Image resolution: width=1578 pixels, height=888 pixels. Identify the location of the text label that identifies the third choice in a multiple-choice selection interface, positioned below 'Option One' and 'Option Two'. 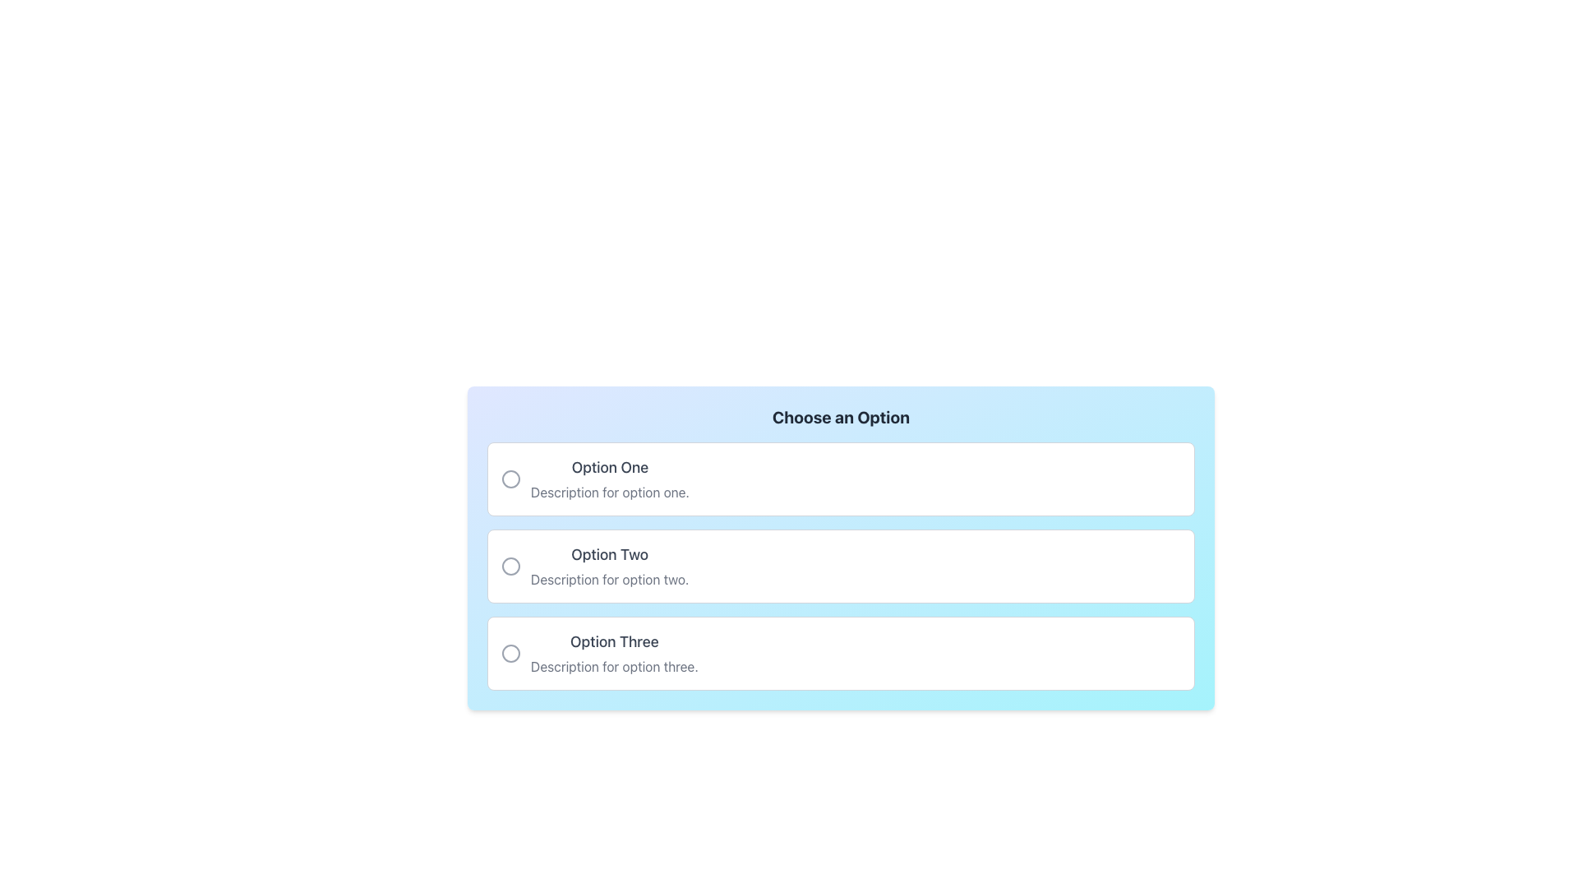
(613, 641).